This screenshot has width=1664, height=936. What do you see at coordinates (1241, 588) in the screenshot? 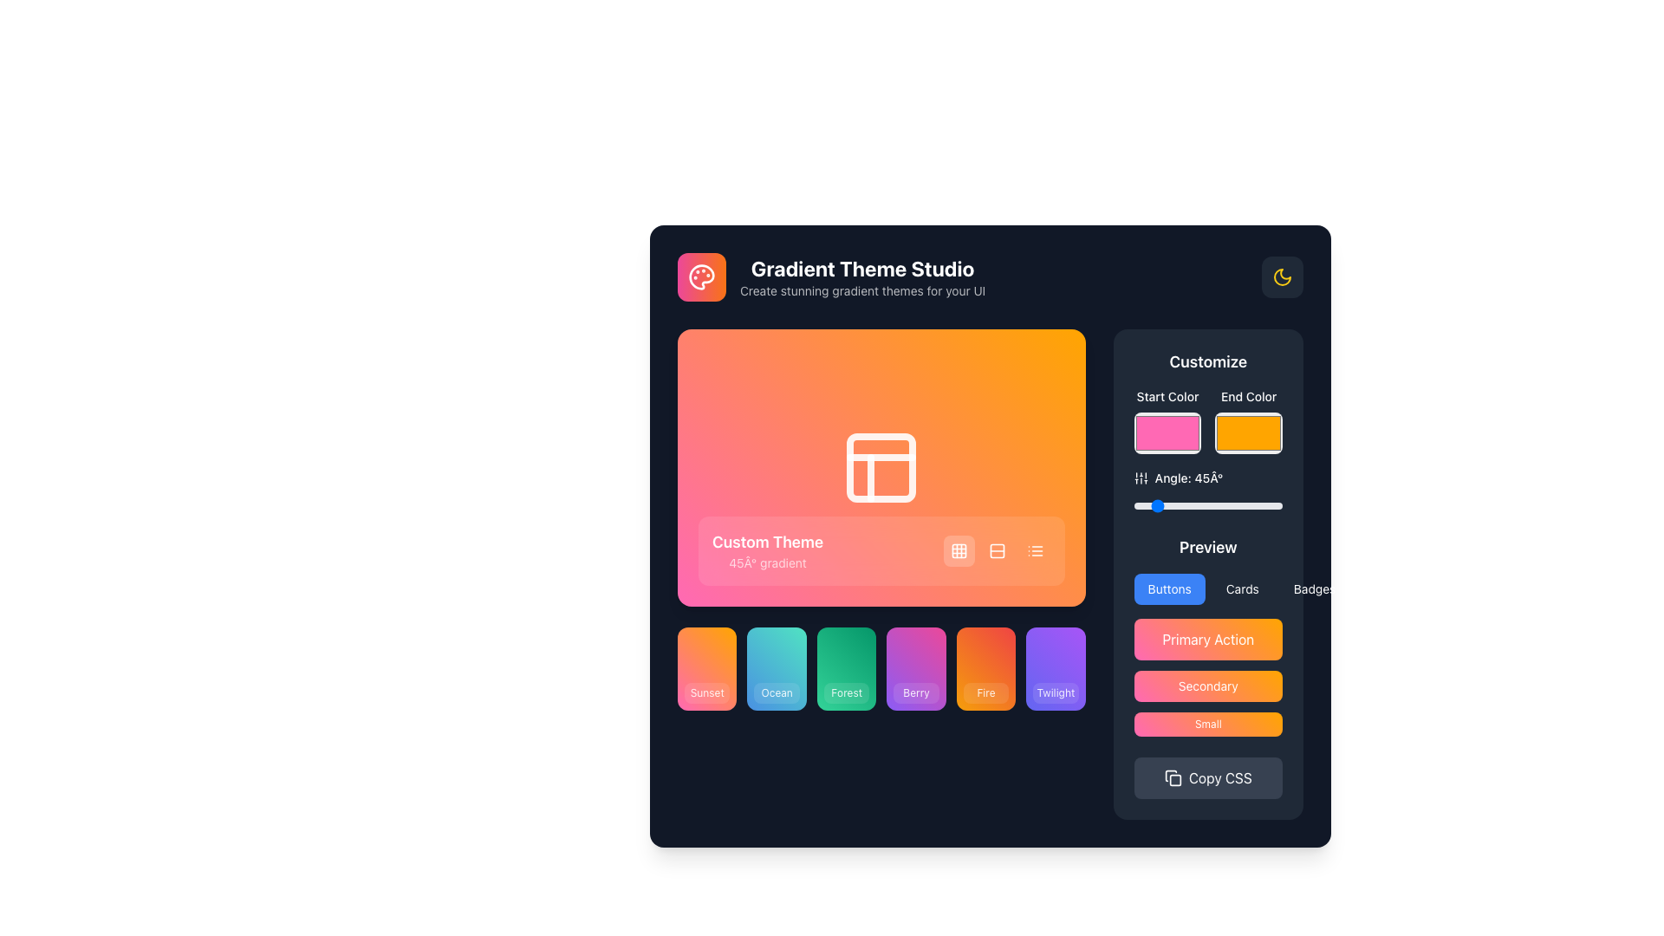
I see `the 'Cards' button, which is a dark button with white text located in the right column of the 'Preview' section, below the 'Customize' settings` at bounding box center [1241, 588].